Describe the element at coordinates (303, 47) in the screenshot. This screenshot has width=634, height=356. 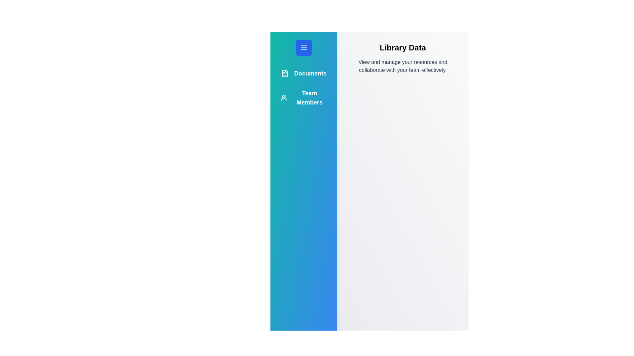
I see `toggle button to expand or collapse the drawer` at that location.